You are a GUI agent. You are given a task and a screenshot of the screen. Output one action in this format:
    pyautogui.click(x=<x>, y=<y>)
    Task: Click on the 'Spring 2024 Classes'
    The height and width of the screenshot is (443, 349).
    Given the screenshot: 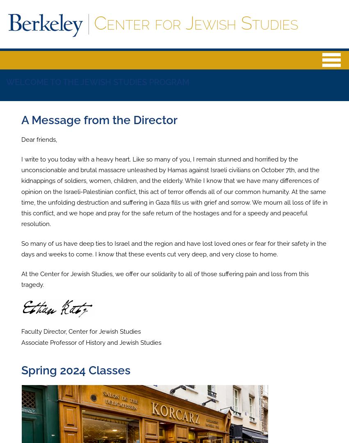 What is the action you would take?
    pyautogui.click(x=75, y=370)
    